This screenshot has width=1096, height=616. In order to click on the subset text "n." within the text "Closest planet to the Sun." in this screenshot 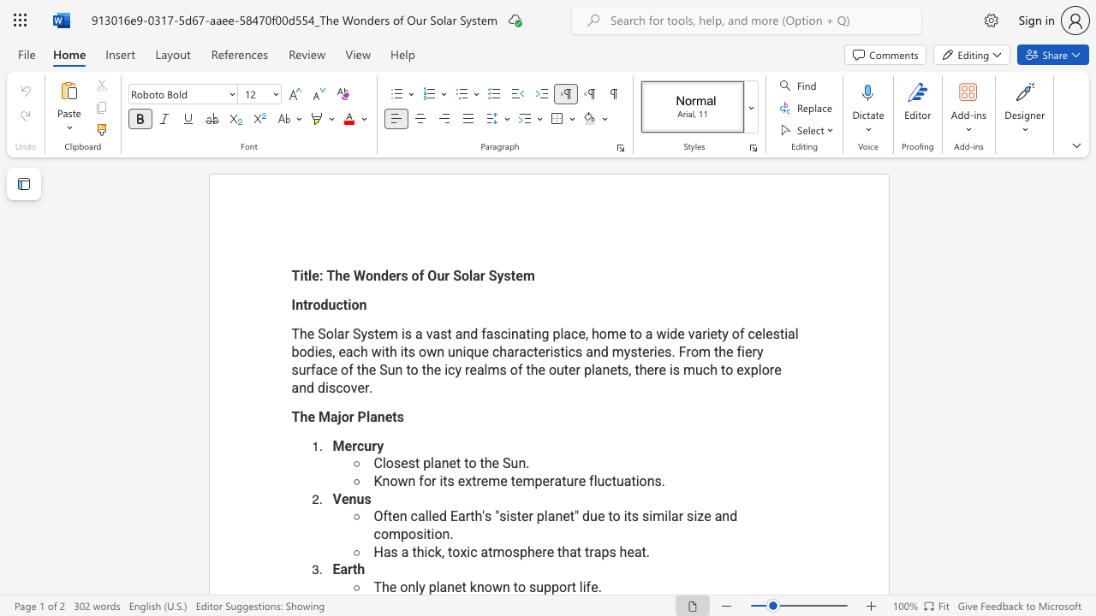, I will do `click(517, 463)`.